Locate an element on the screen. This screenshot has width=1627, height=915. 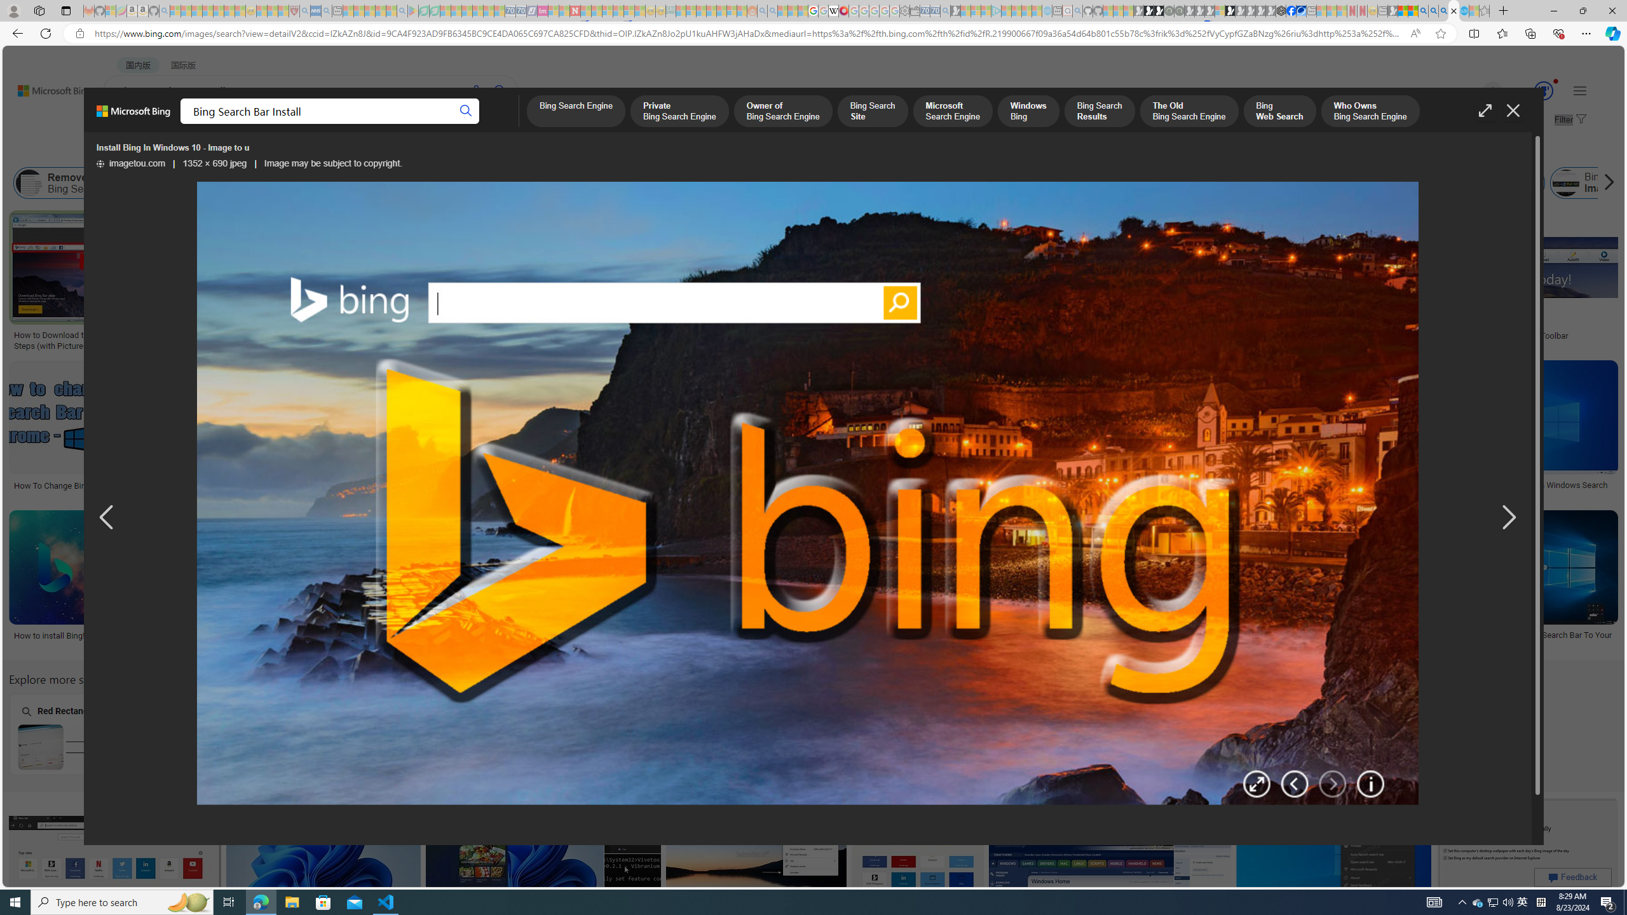
'DICT' is located at coordinates (455, 124).